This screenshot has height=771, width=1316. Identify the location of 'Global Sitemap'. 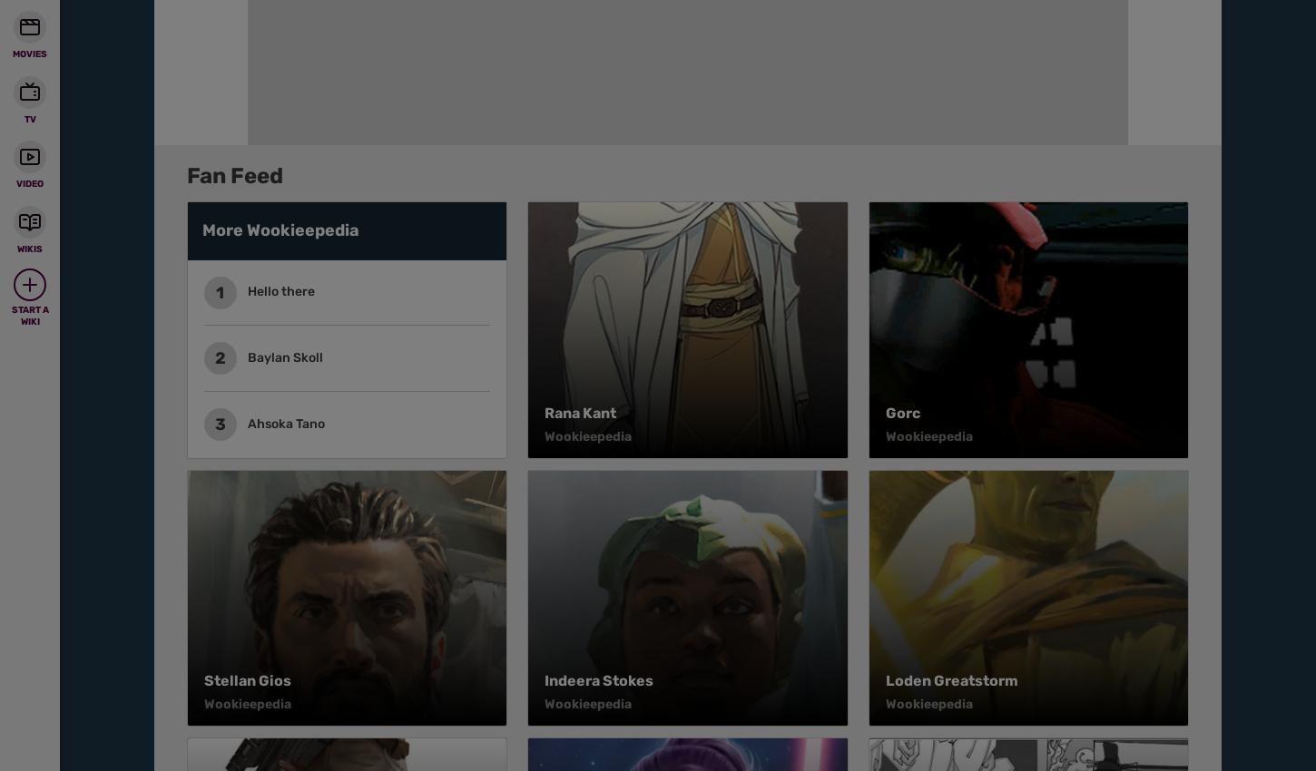
(513, 165).